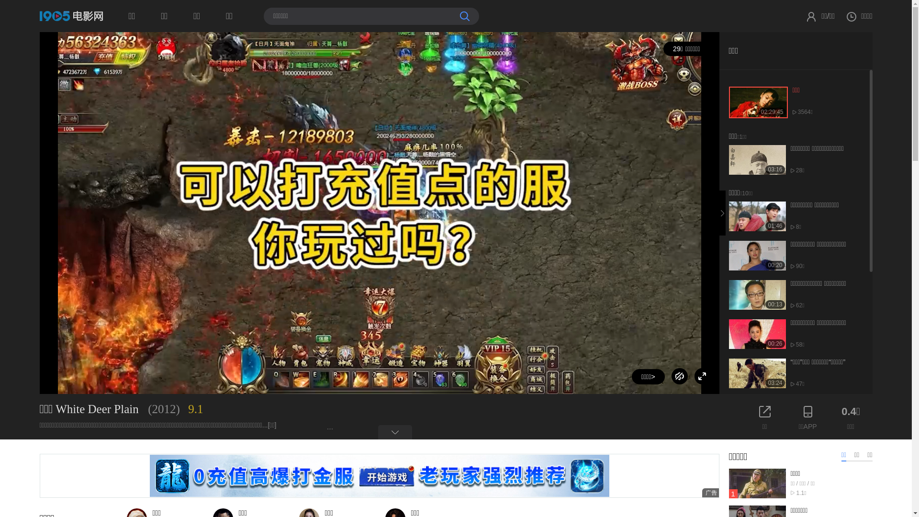 The width and height of the screenshot is (919, 517). What do you see at coordinates (756, 483) in the screenshot?
I see `'1'` at bounding box center [756, 483].